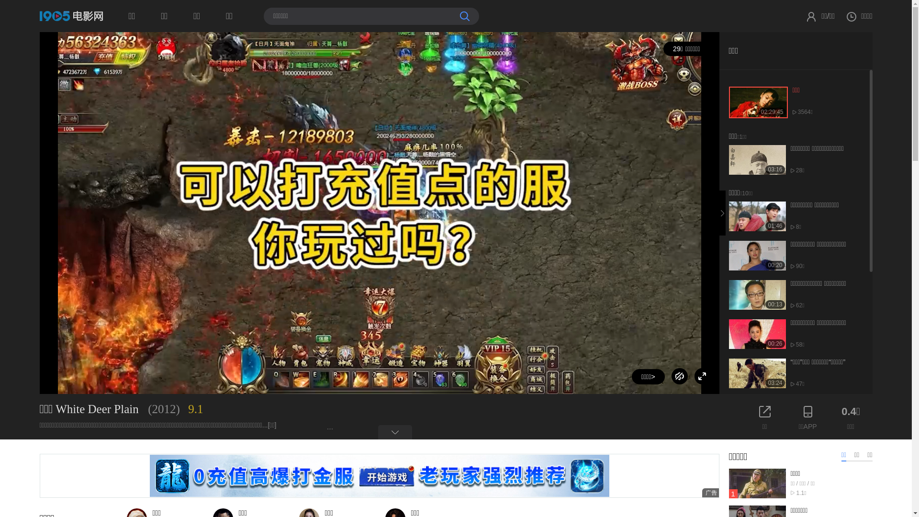 The width and height of the screenshot is (919, 517). What do you see at coordinates (756, 483) in the screenshot?
I see `'1'` at bounding box center [756, 483].